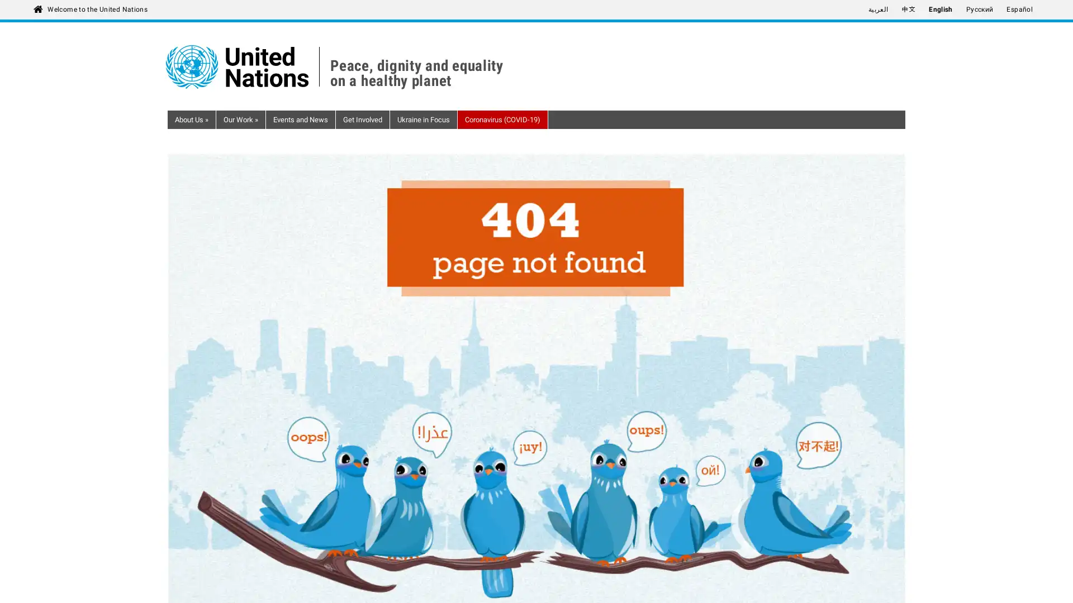 This screenshot has width=1073, height=603. What do you see at coordinates (240, 119) in the screenshot?
I see `Our Work` at bounding box center [240, 119].